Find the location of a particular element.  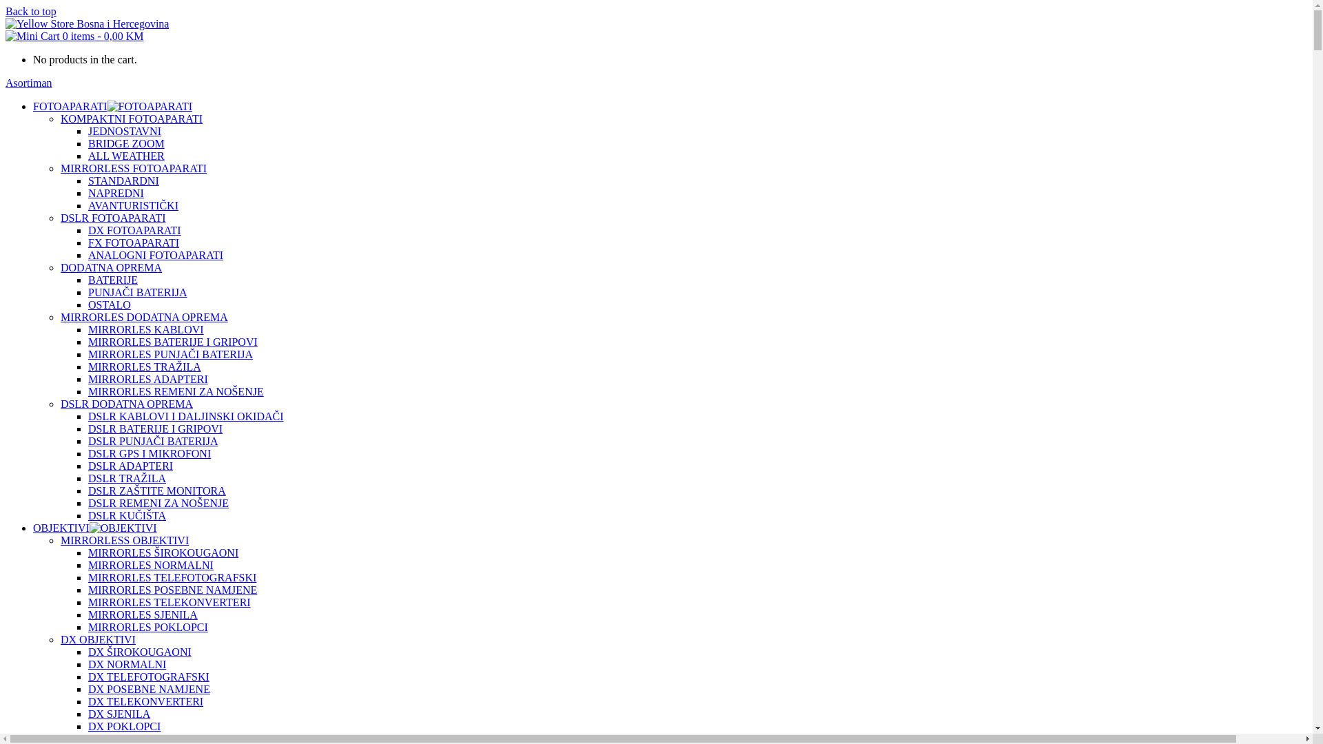

'NAPREDNI' is located at coordinates (116, 193).